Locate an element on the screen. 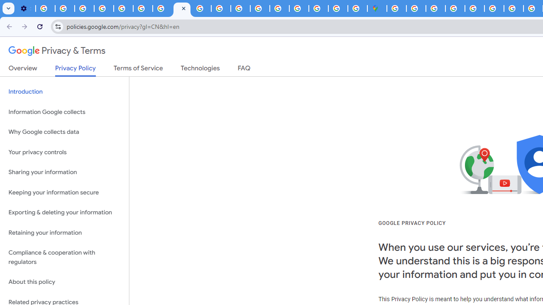  'Sharing your information' is located at coordinates (64, 172).